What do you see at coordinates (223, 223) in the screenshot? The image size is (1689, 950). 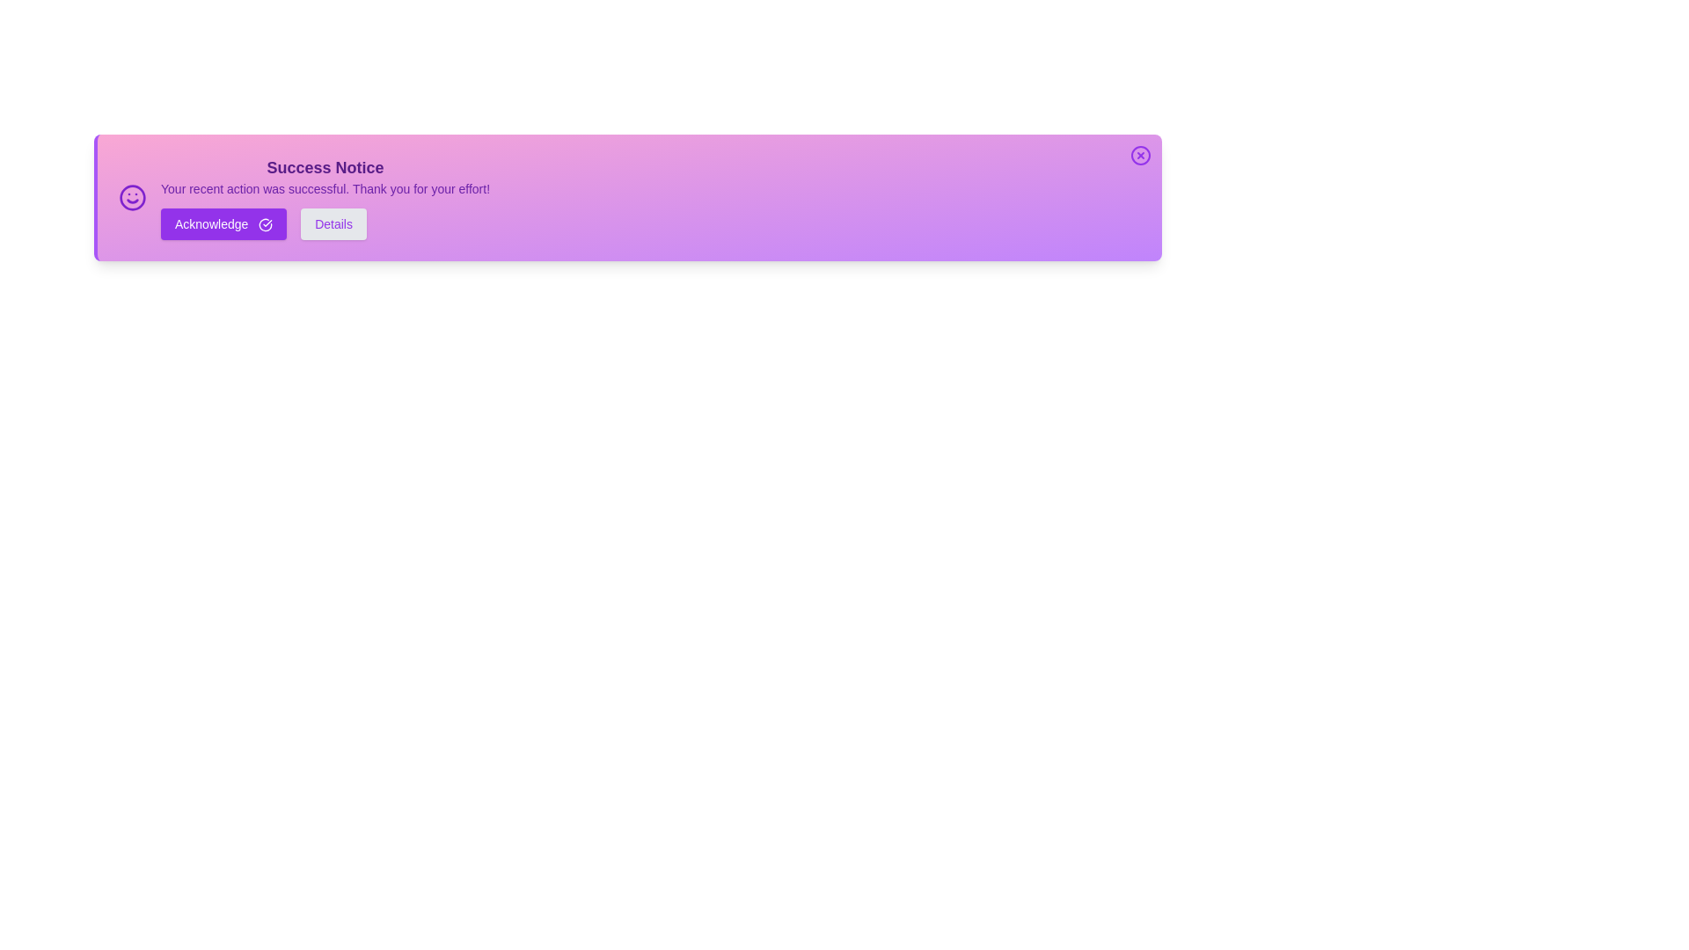 I see `the 'Acknowledge' button to acknowledge the alert` at bounding box center [223, 223].